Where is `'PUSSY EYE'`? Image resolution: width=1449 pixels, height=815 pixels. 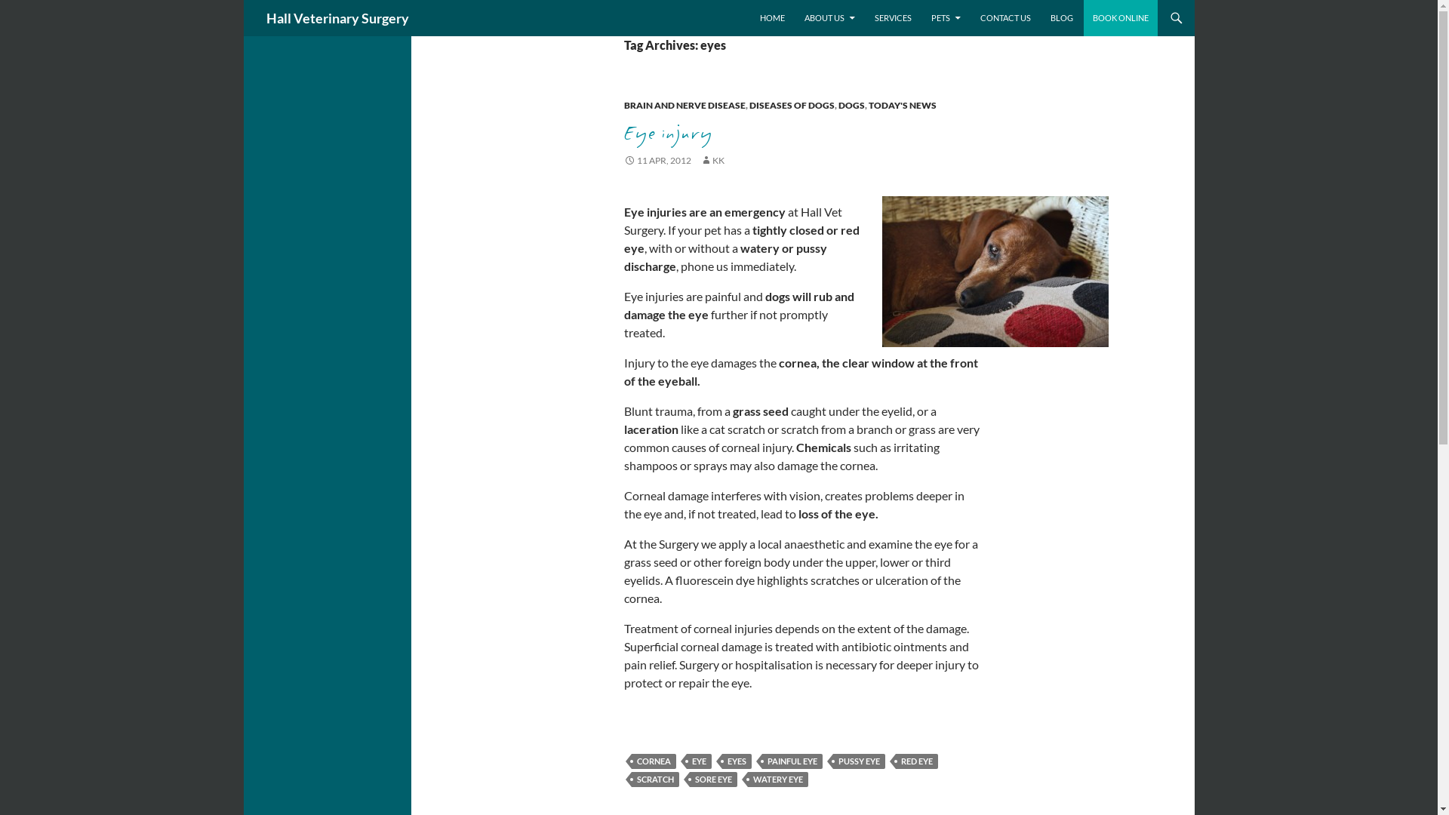 'PUSSY EYE' is located at coordinates (859, 761).